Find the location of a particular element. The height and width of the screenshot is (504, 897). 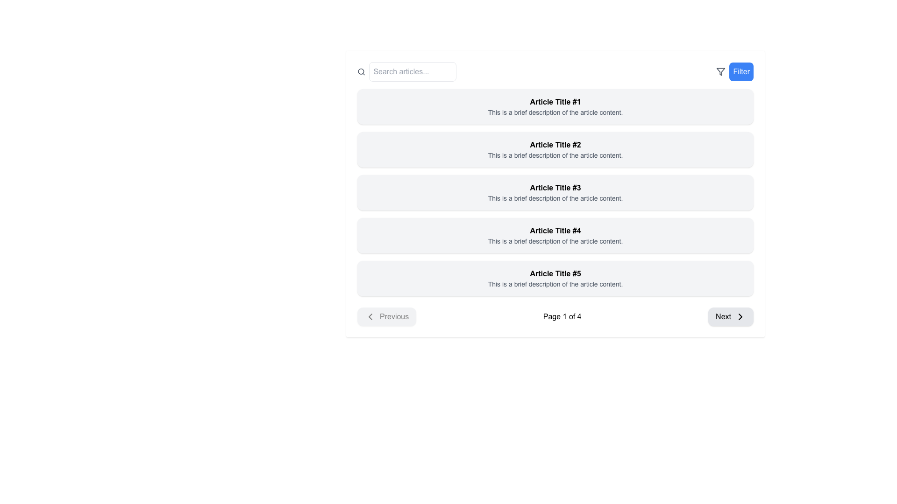

the bolded text element that reads 'Article Title #5', which is the title of the fifth article entry in a vertical list is located at coordinates (555, 273).